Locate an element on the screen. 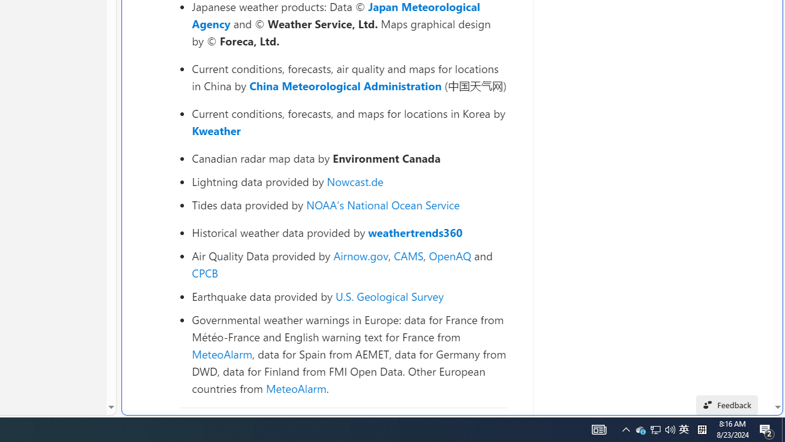  'Canadian radar map data by Environment Canada' is located at coordinates (349, 158).